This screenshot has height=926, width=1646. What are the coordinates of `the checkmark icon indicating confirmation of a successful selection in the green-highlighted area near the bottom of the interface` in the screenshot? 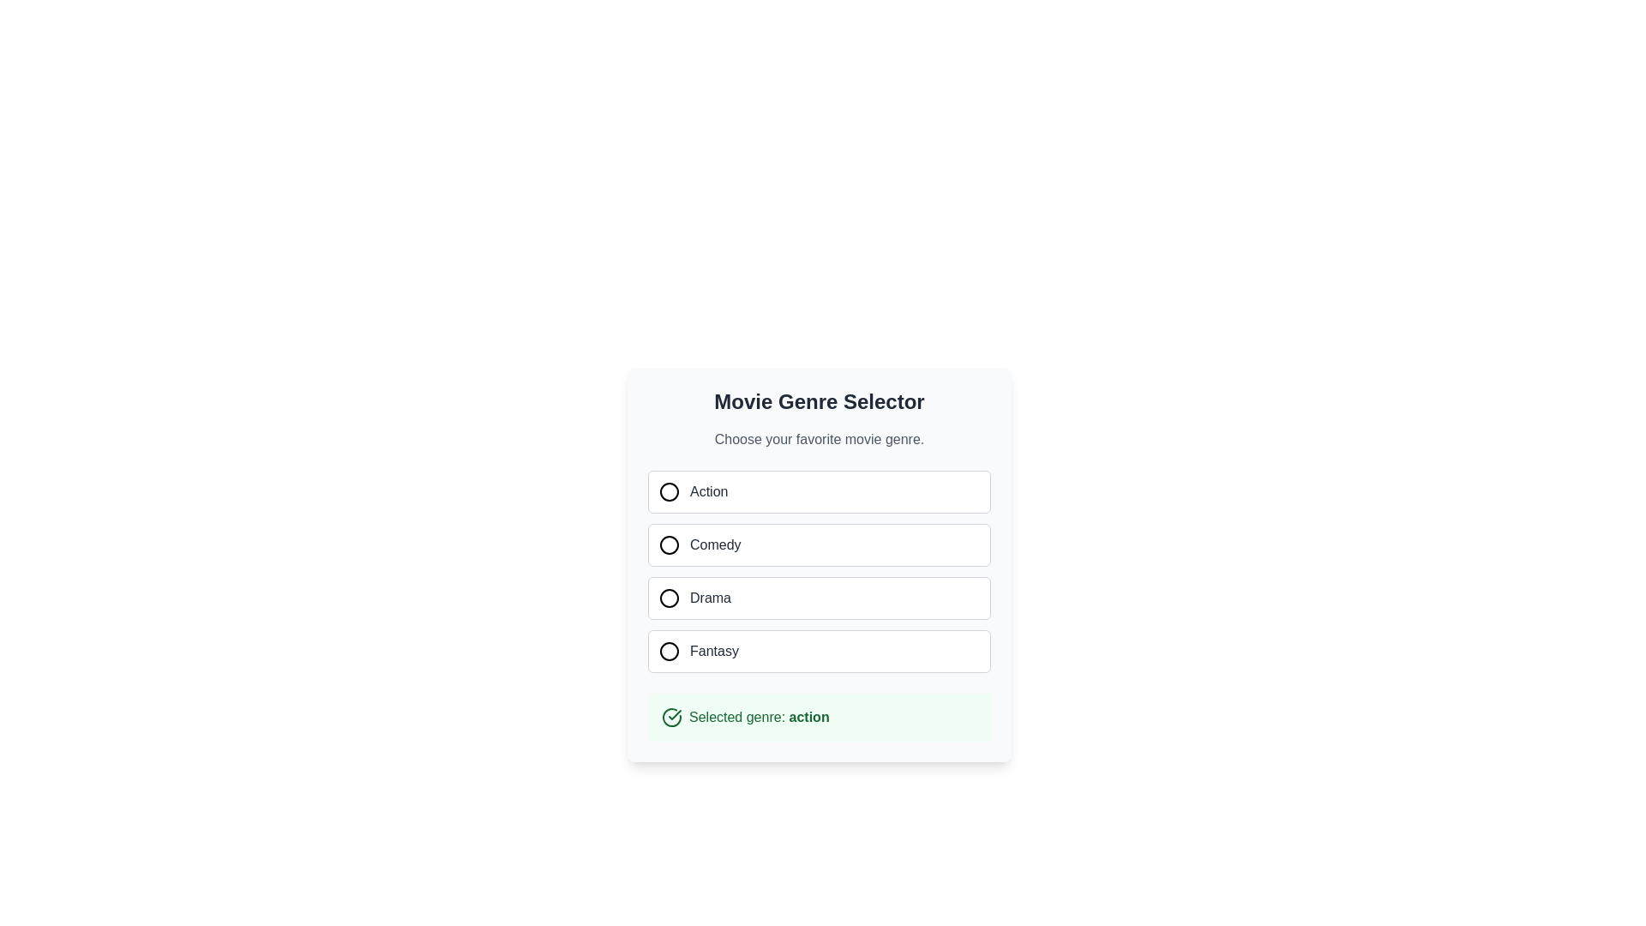 It's located at (674, 714).